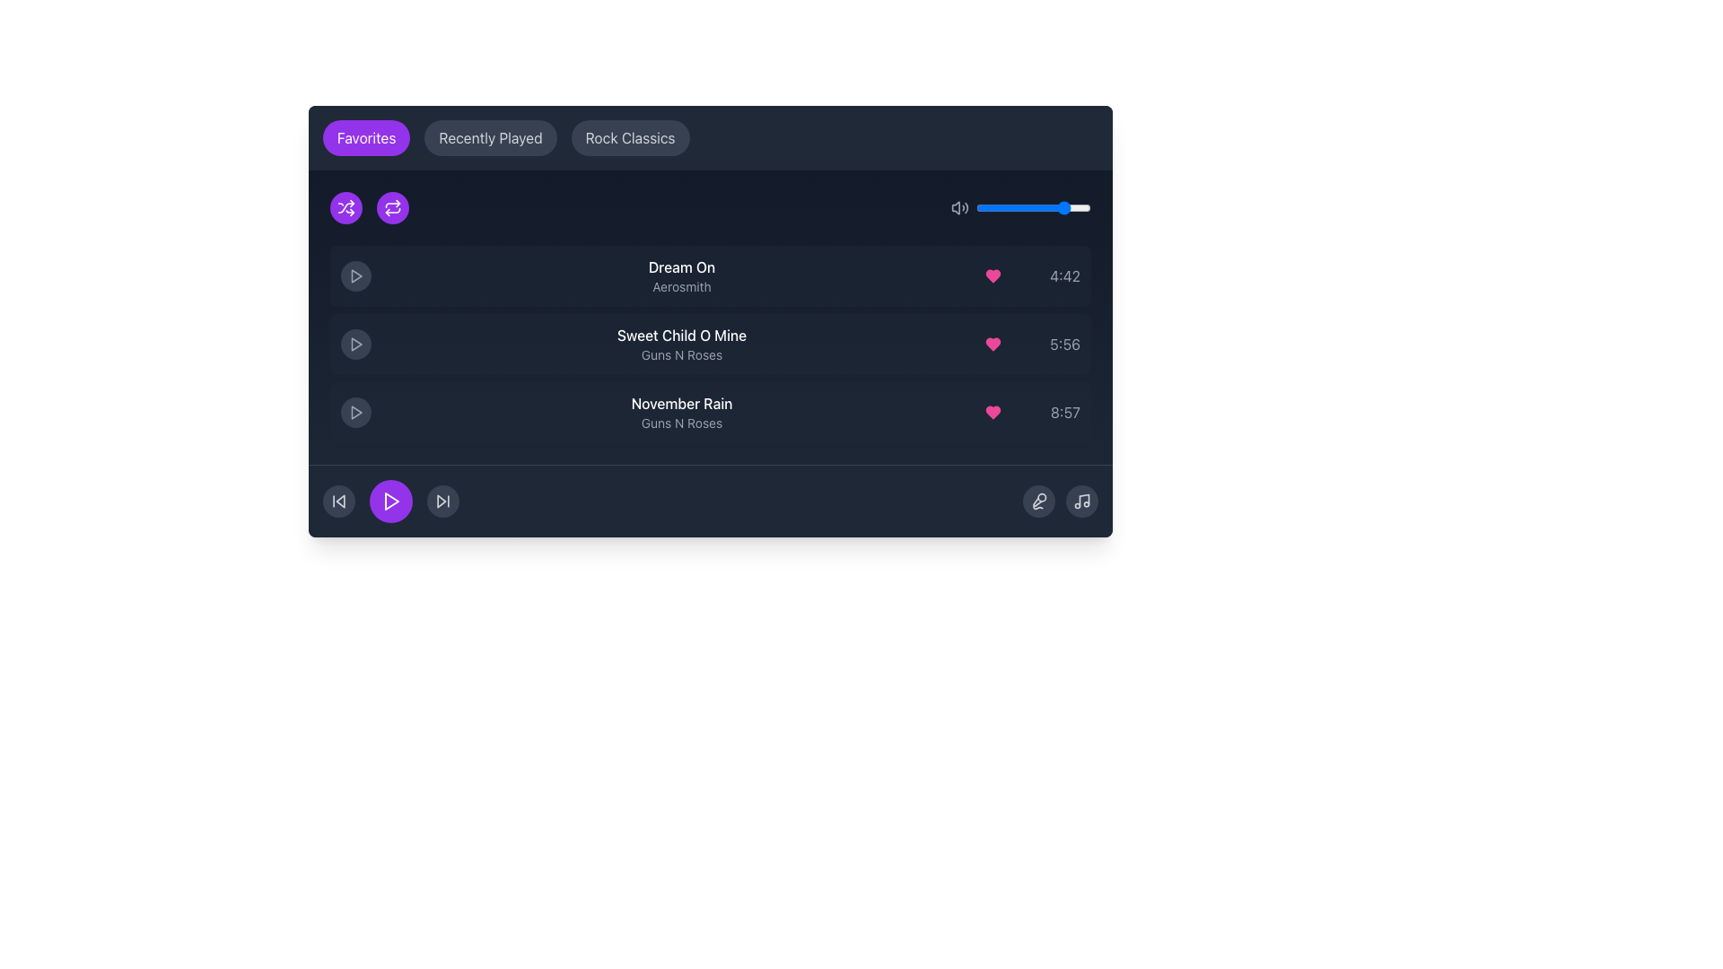 The image size is (1723, 969). I want to click on the play button located in the central bottom section of the interface to initiate playback of the currently selected track in the playlist, so click(390, 502).